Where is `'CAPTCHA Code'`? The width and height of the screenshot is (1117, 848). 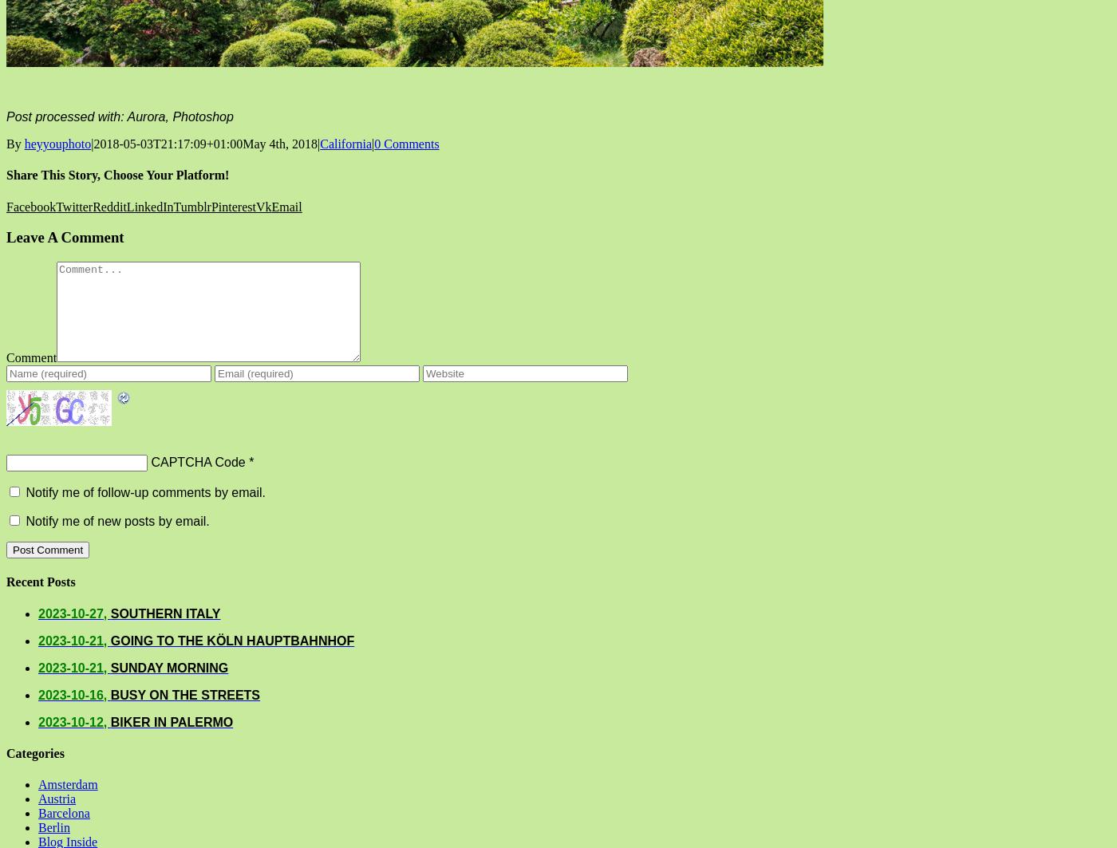
'CAPTCHA Code' is located at coordinates (197, 460).